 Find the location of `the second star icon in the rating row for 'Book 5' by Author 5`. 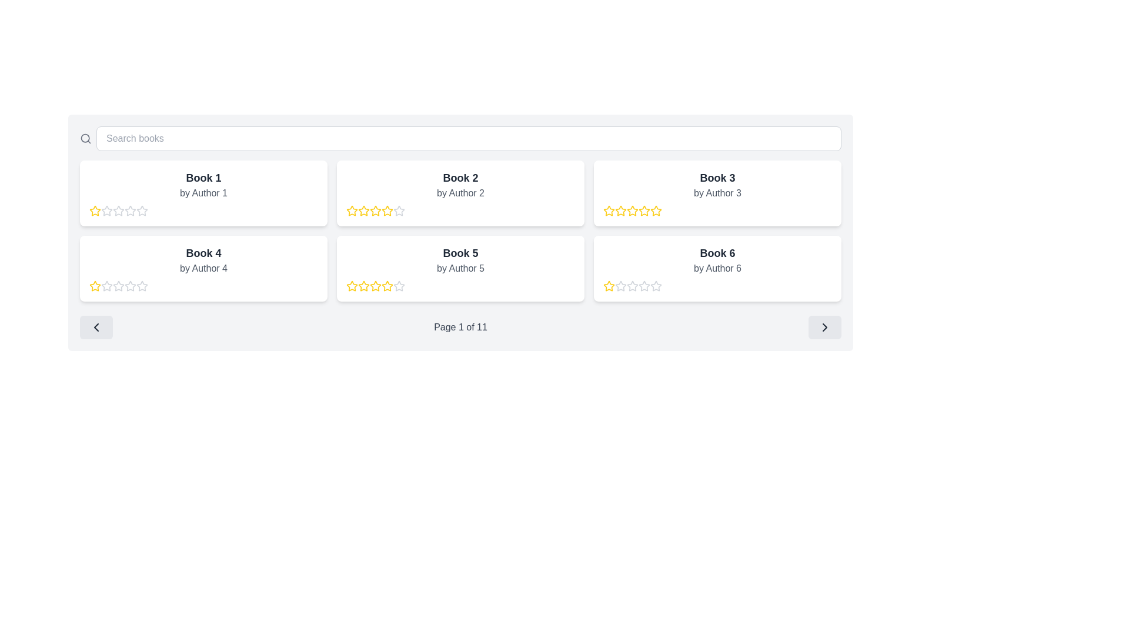

the second star icon in the rating row for 'Book 5' by Author 5 is located at coordinates (352, 286).